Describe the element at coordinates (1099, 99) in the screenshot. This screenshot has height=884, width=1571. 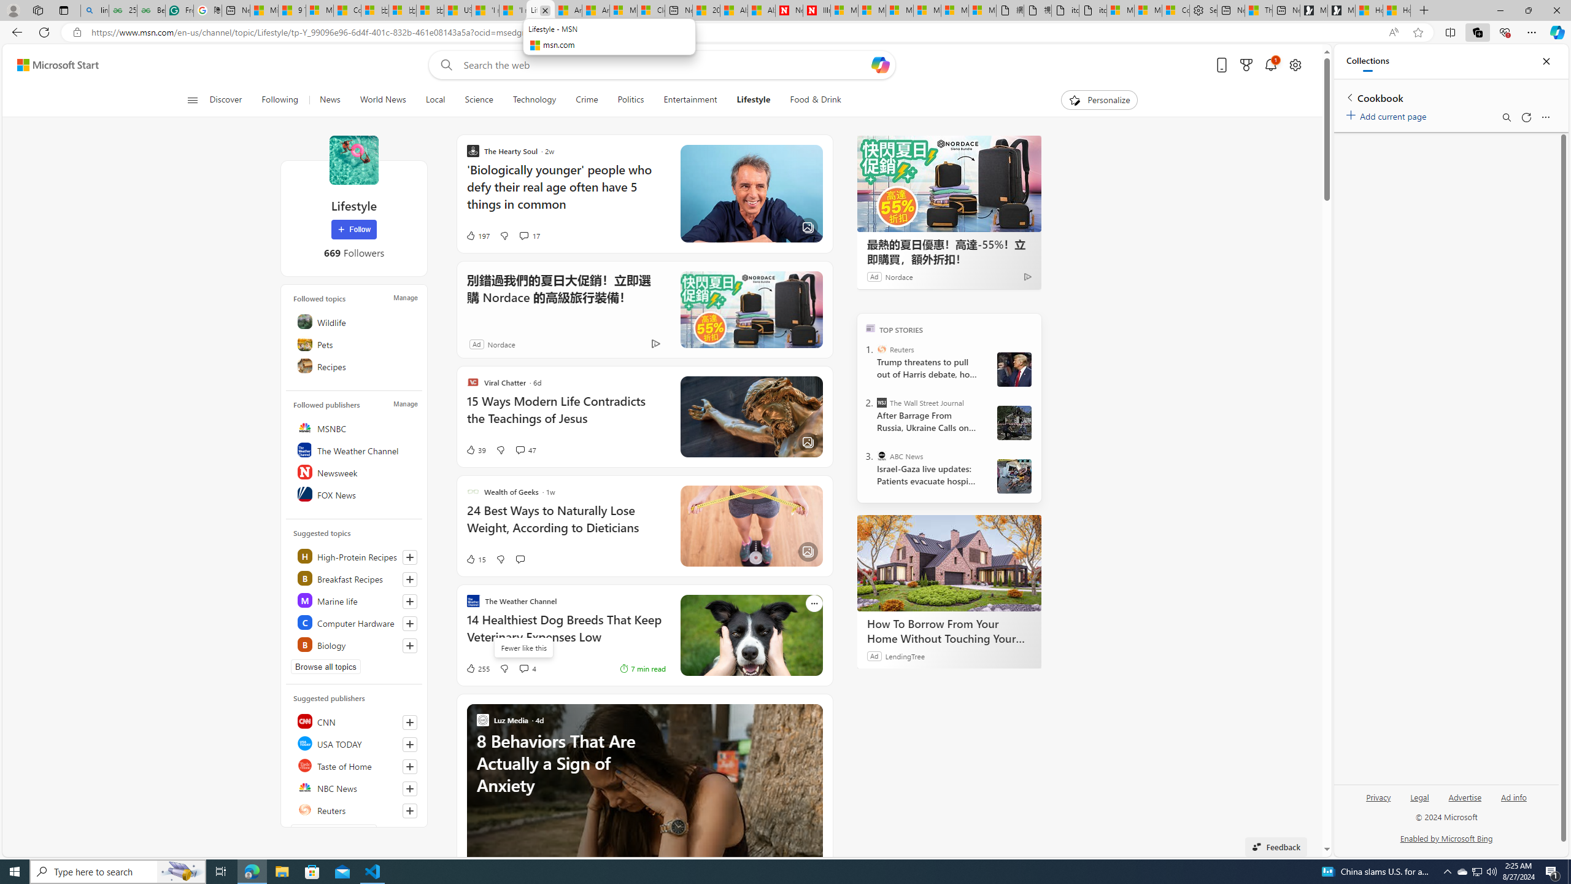
I see `'Personalize'` at that location.